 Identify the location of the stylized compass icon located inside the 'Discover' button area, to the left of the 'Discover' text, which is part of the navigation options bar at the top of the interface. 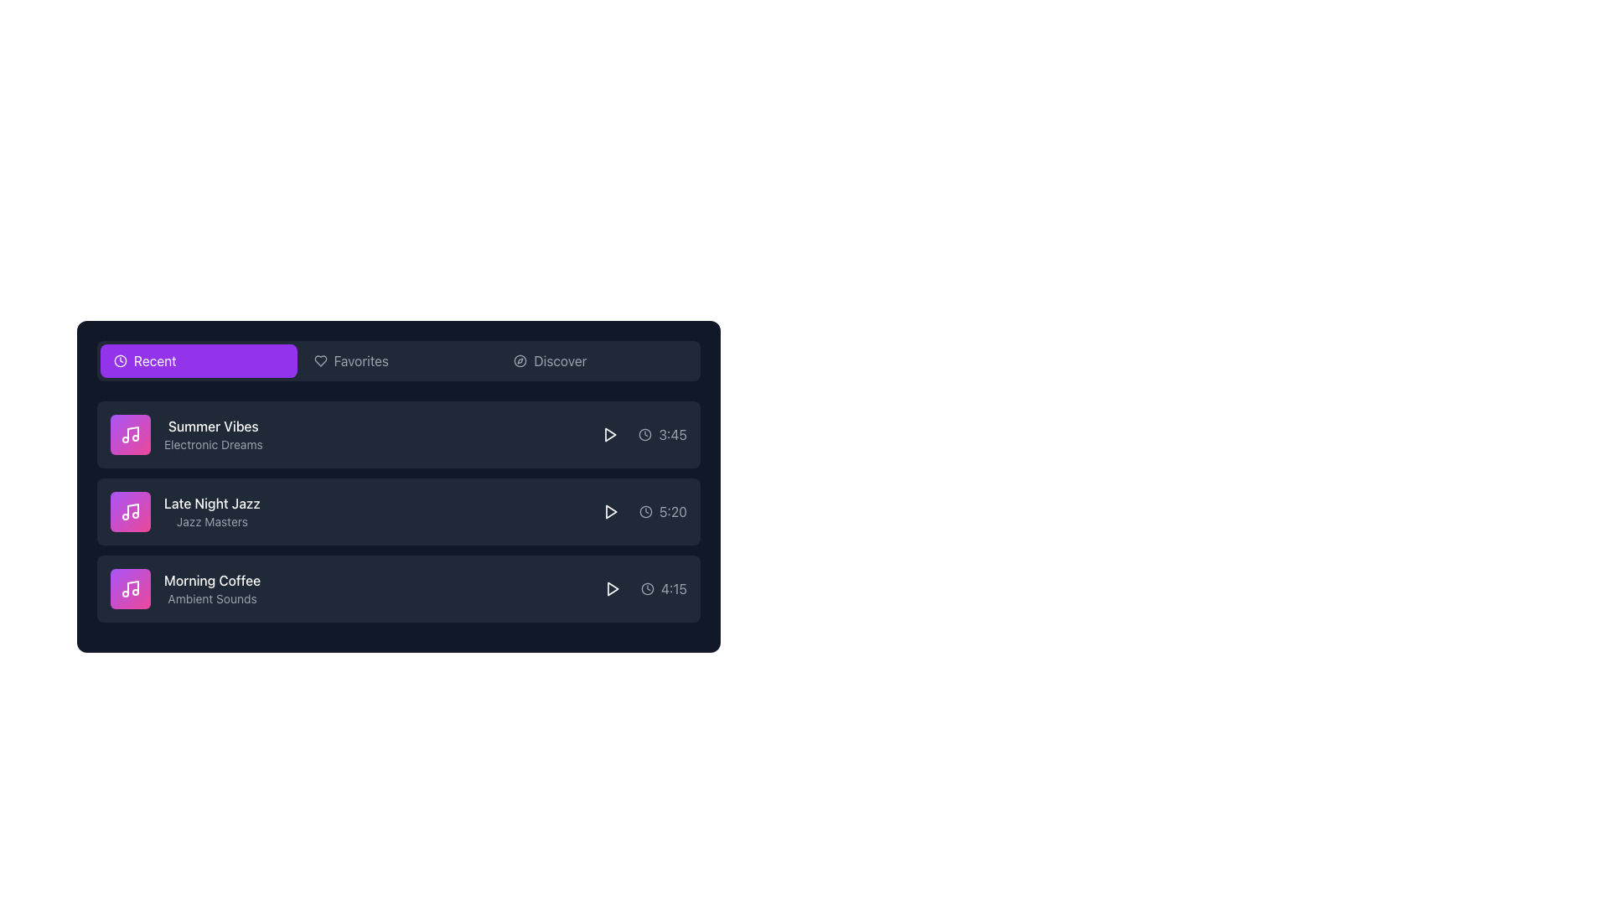
(520, 360).